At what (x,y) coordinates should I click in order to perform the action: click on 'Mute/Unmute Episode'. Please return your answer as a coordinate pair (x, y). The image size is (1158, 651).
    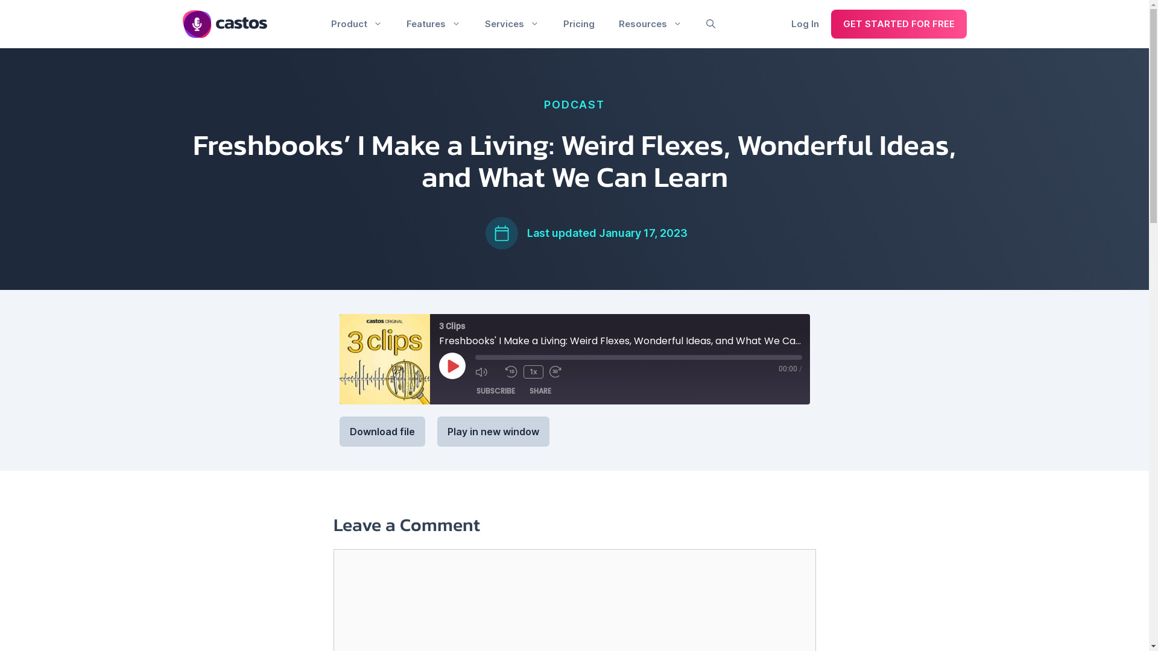
    Looking at the image, I should click on (474, 371).